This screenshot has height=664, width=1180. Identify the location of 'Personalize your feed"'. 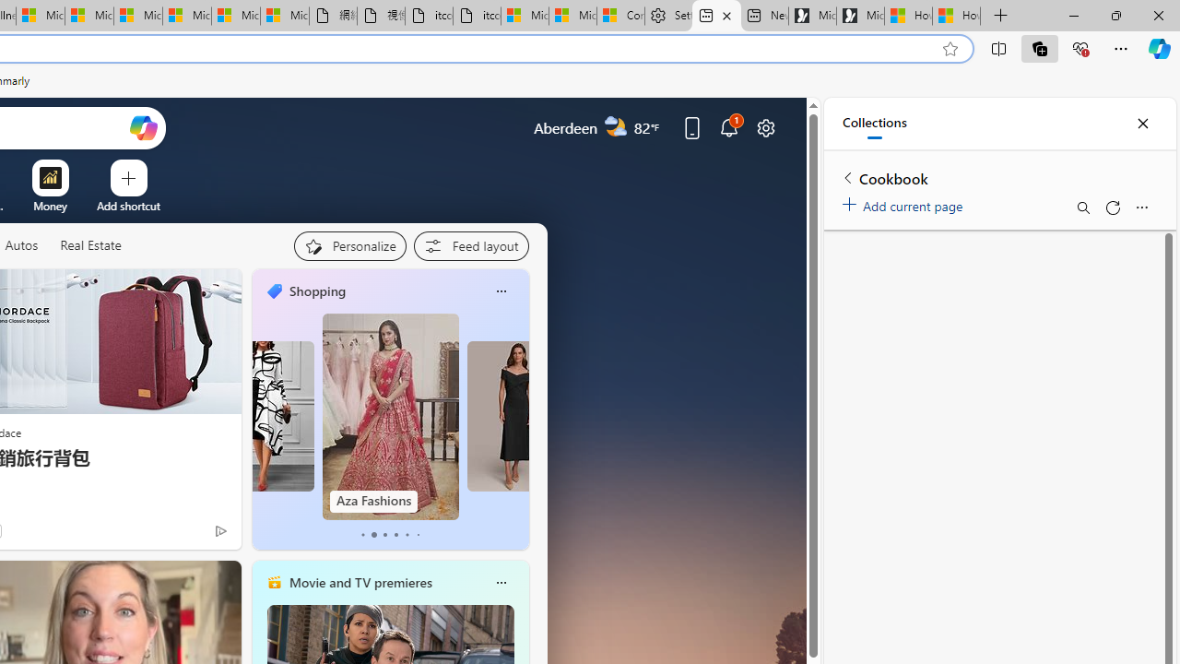
(349, 245).